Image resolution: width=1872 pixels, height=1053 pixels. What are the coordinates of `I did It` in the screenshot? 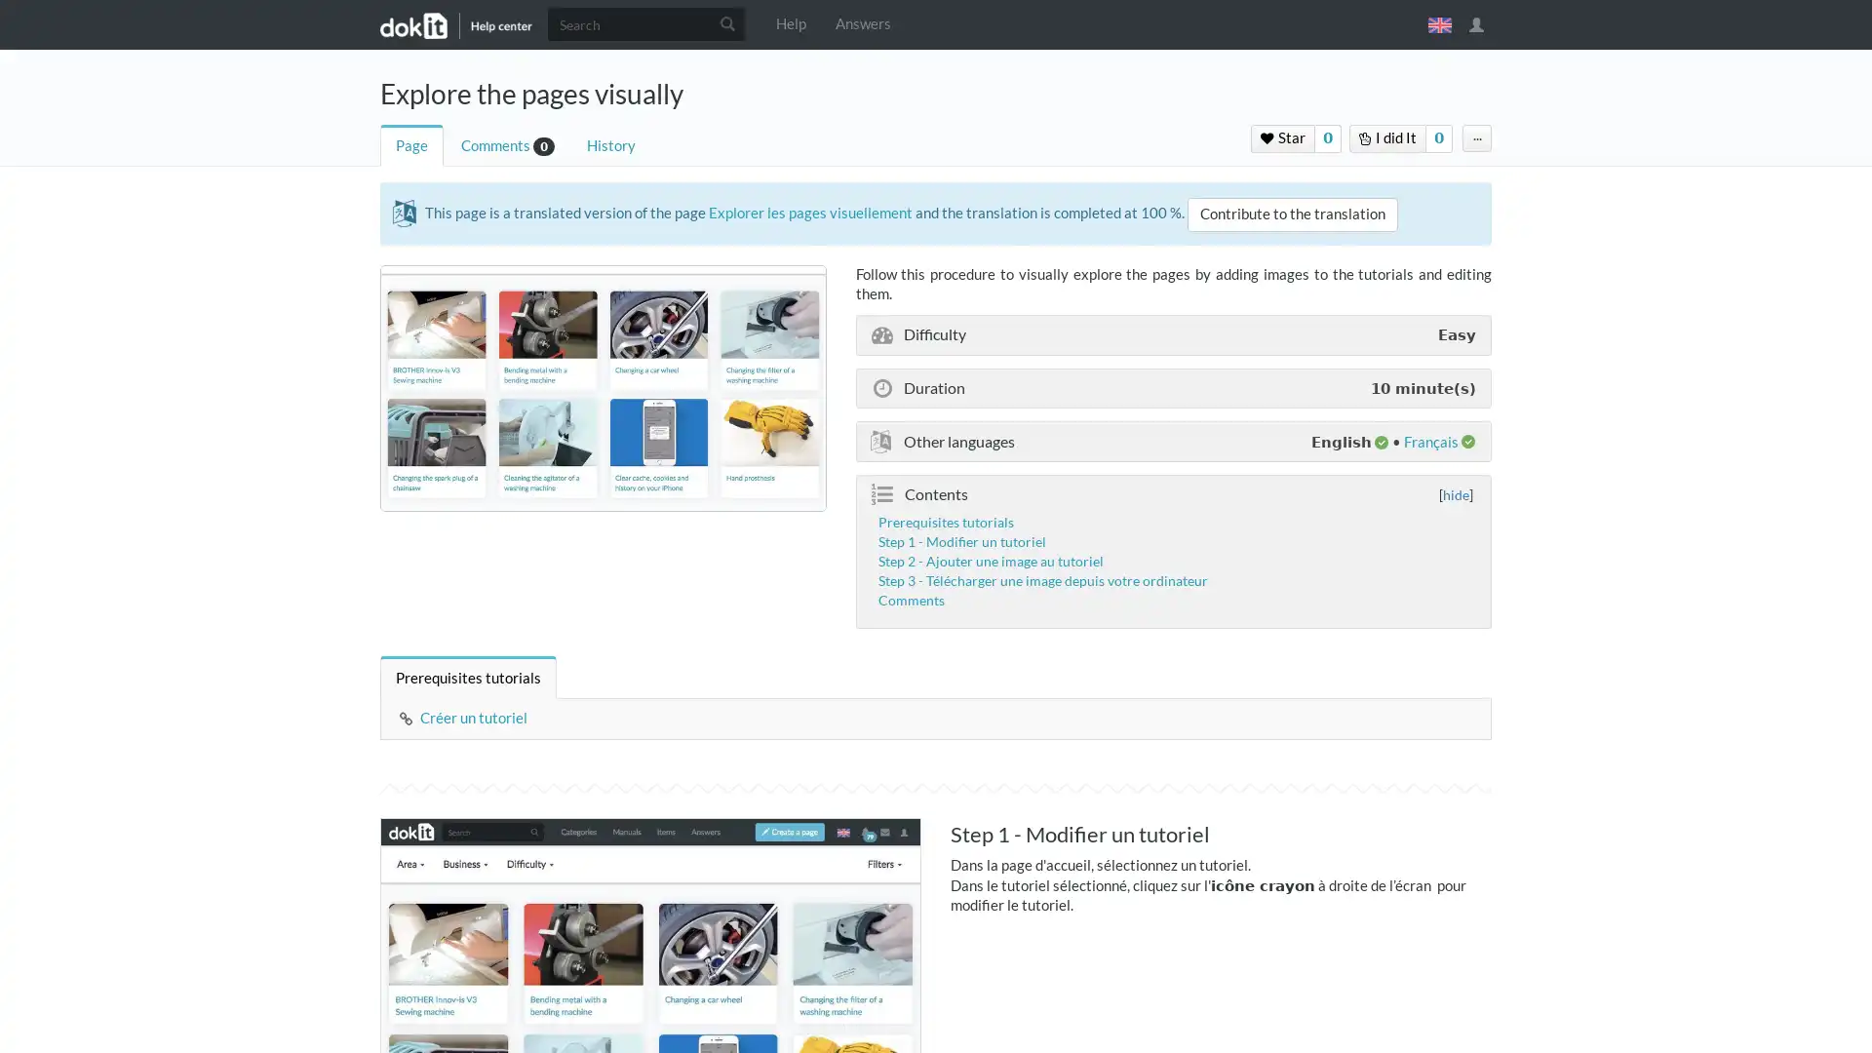 It's located at (1386, 137).